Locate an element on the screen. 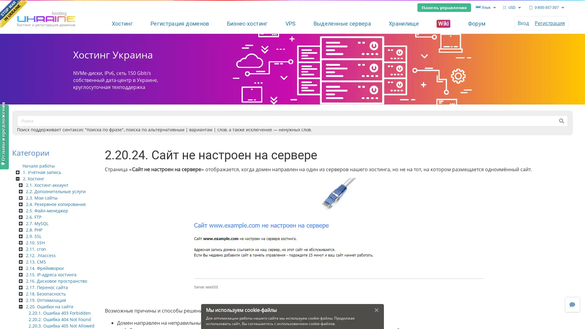 The width and height of the screenshot is (585, 329). USD is located at coordinates (512, 7).